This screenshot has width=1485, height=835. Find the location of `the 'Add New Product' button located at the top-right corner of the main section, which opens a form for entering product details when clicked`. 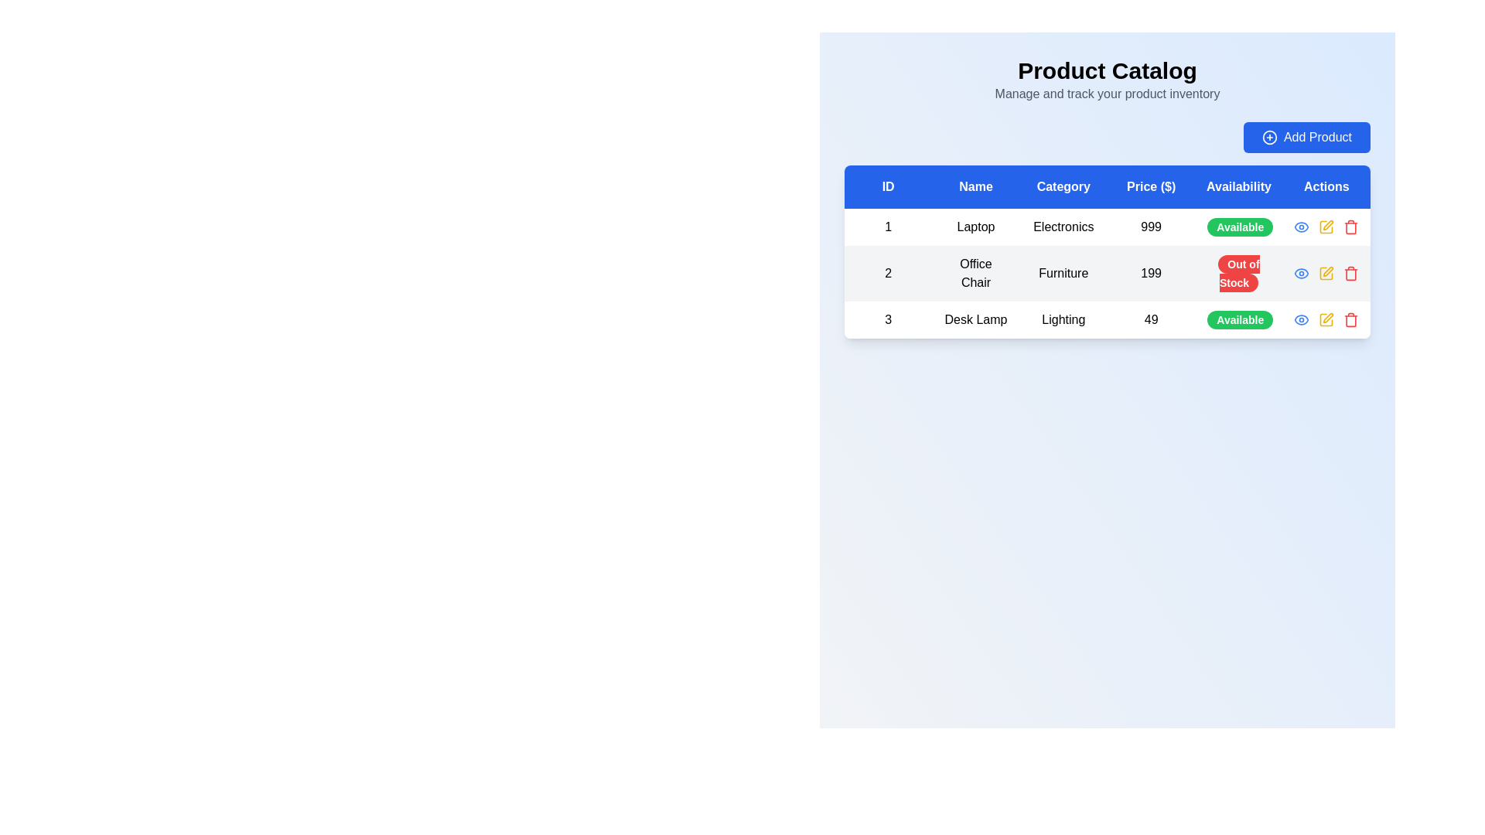

the 'Add New Product' button located at the top-right corner of the main section, which opens a form for entering product details when clicked is located at coordinates (1306, 136).